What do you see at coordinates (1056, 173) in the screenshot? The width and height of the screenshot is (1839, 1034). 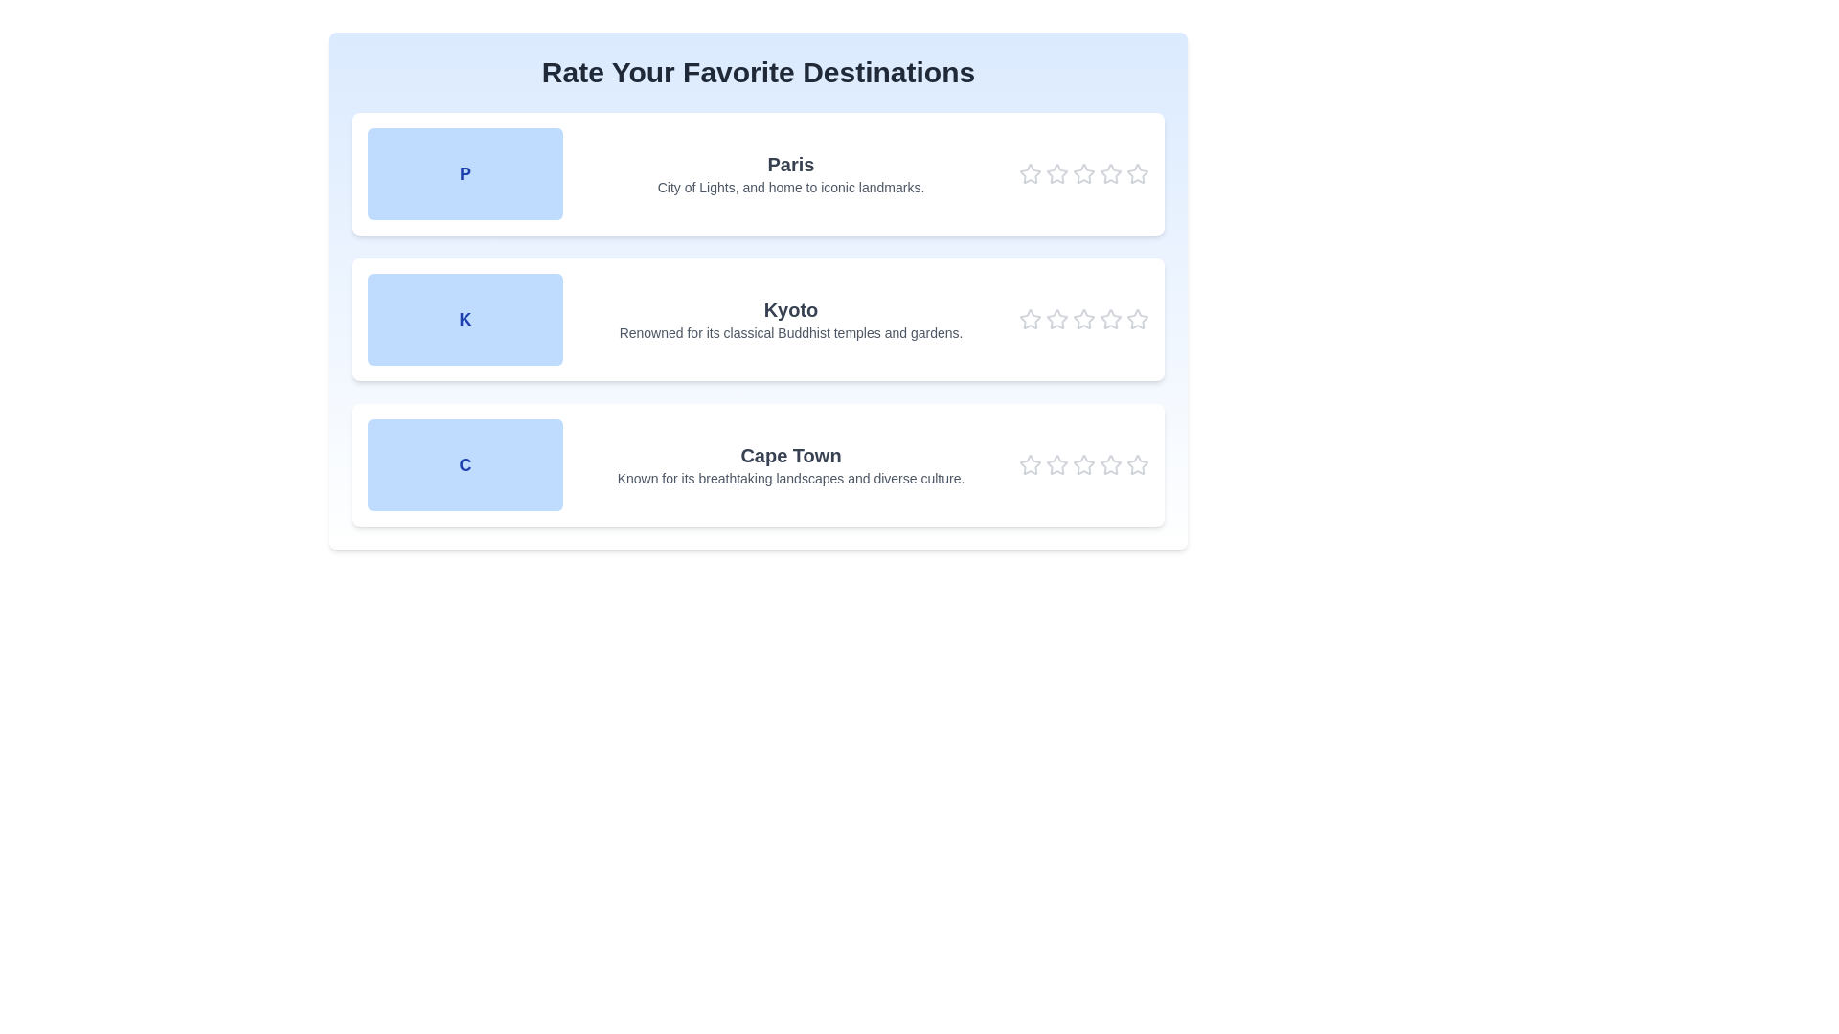 I see `the second star icon in the rating interface for the 'Paris' destination card` at bounding box center [1056, 173].